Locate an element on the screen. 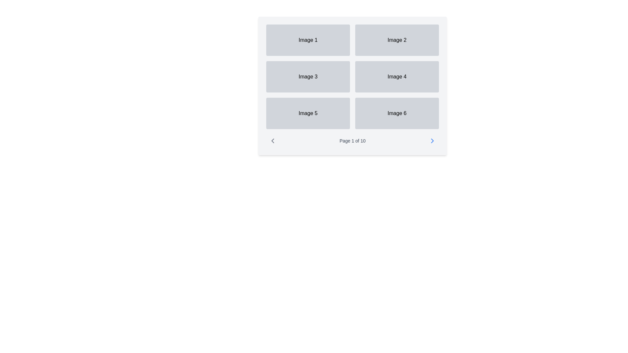 The height and width of the screenshot is (353, 628). the static visual placeholder labeled 'Image 2' which is a rectangular box with a light gray background and medium-sized black text, located in the top row of a grid layout is located at coordinates (397, 40).